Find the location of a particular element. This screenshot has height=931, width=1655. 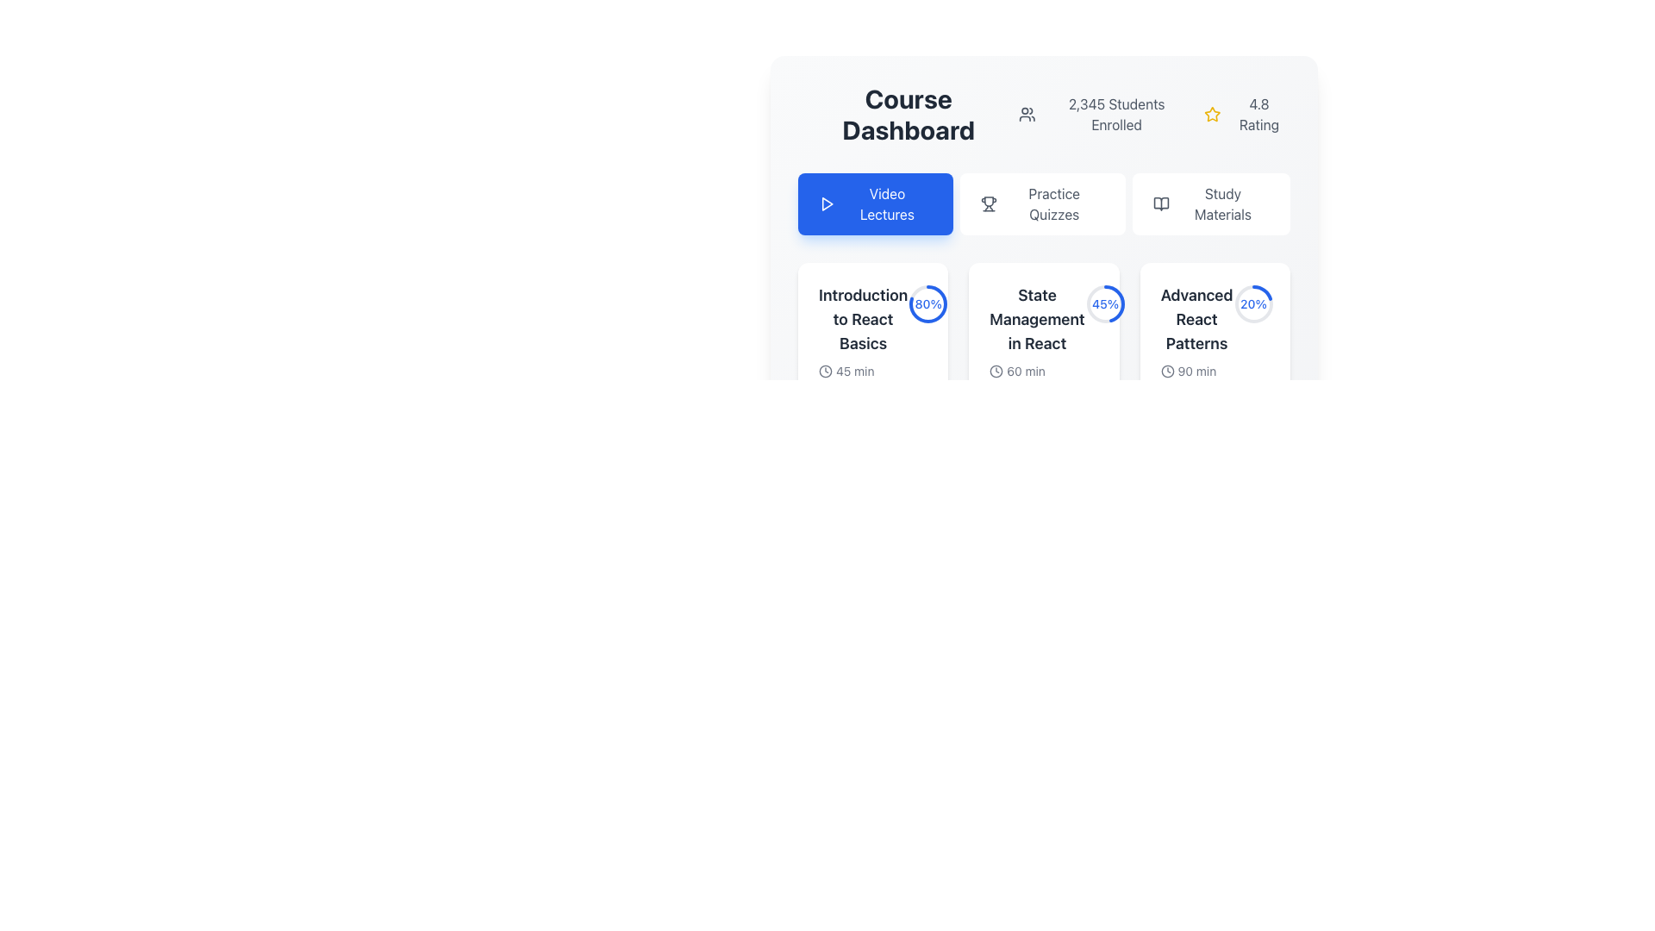

the course information text block titled 'Advanced React Patterns' is located at coordinates (1214, 351).